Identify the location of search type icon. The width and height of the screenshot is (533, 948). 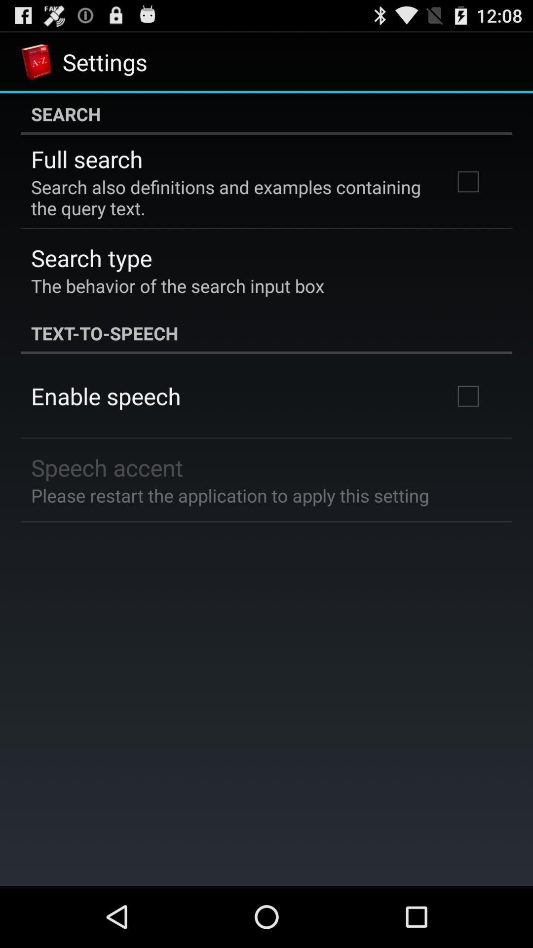
(91, 258).